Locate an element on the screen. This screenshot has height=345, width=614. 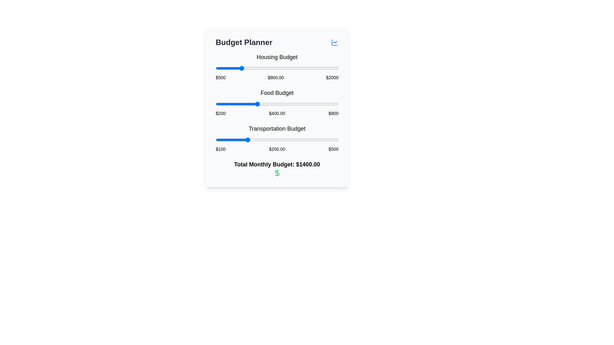
the housing budget slider is located at coordinates (223, 68).